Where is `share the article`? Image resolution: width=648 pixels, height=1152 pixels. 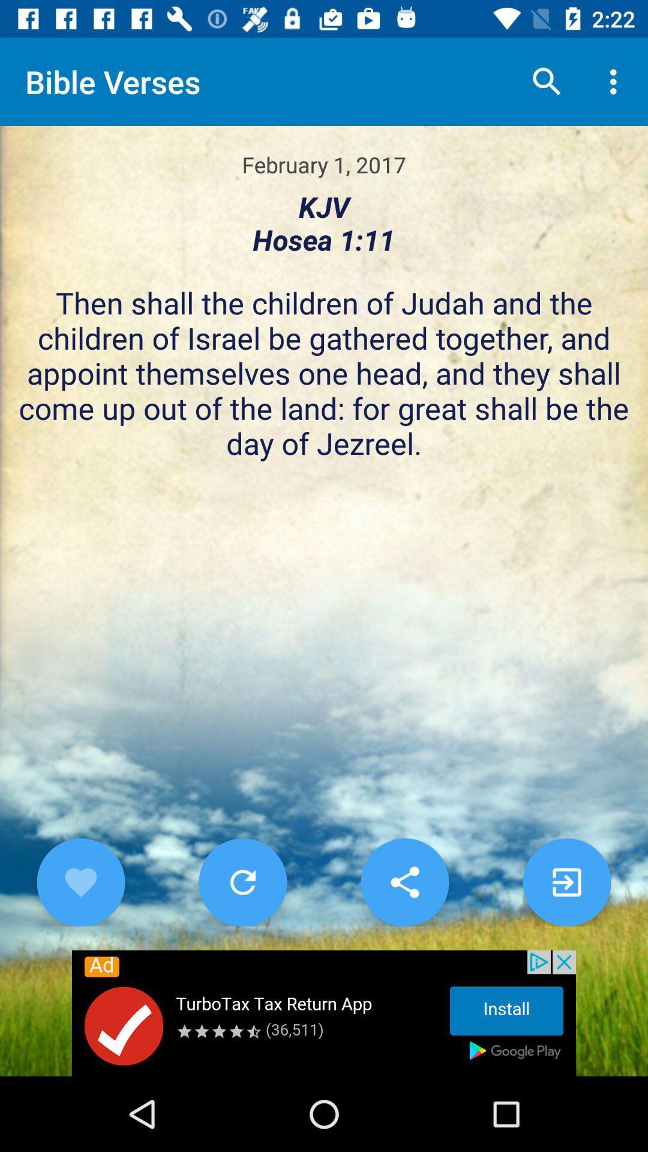
share the article is located at coordinates (405, 882).